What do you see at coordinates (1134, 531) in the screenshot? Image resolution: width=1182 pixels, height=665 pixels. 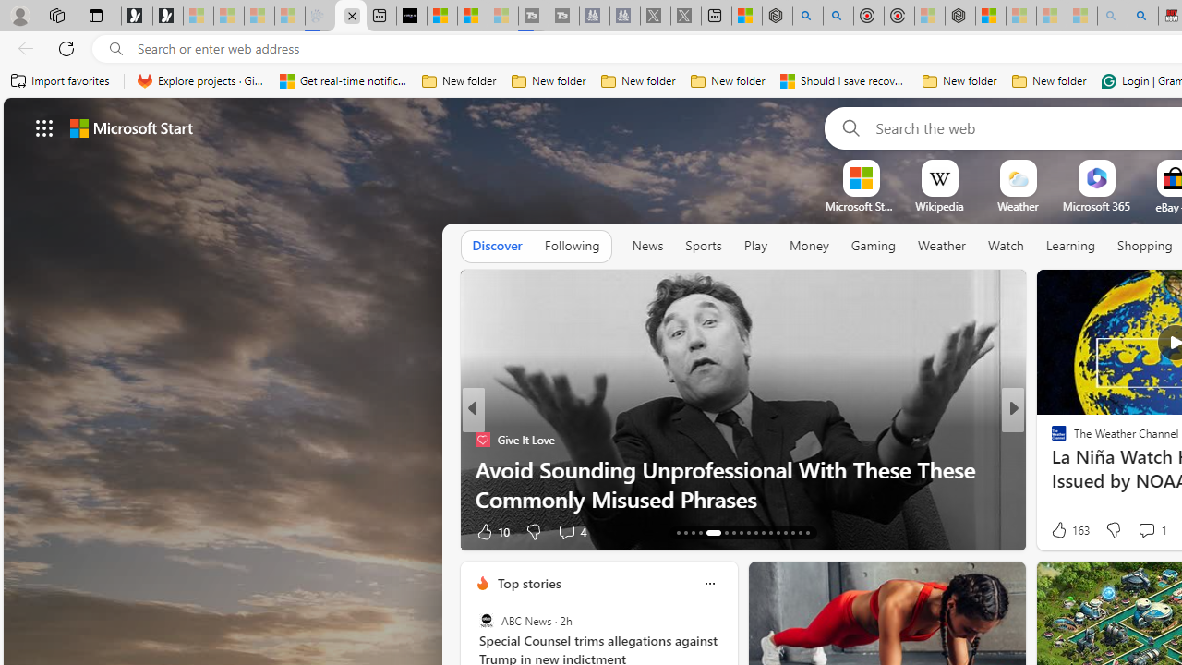 I see `'View comments 2 Comment'` at bounding box center [1134, 531].